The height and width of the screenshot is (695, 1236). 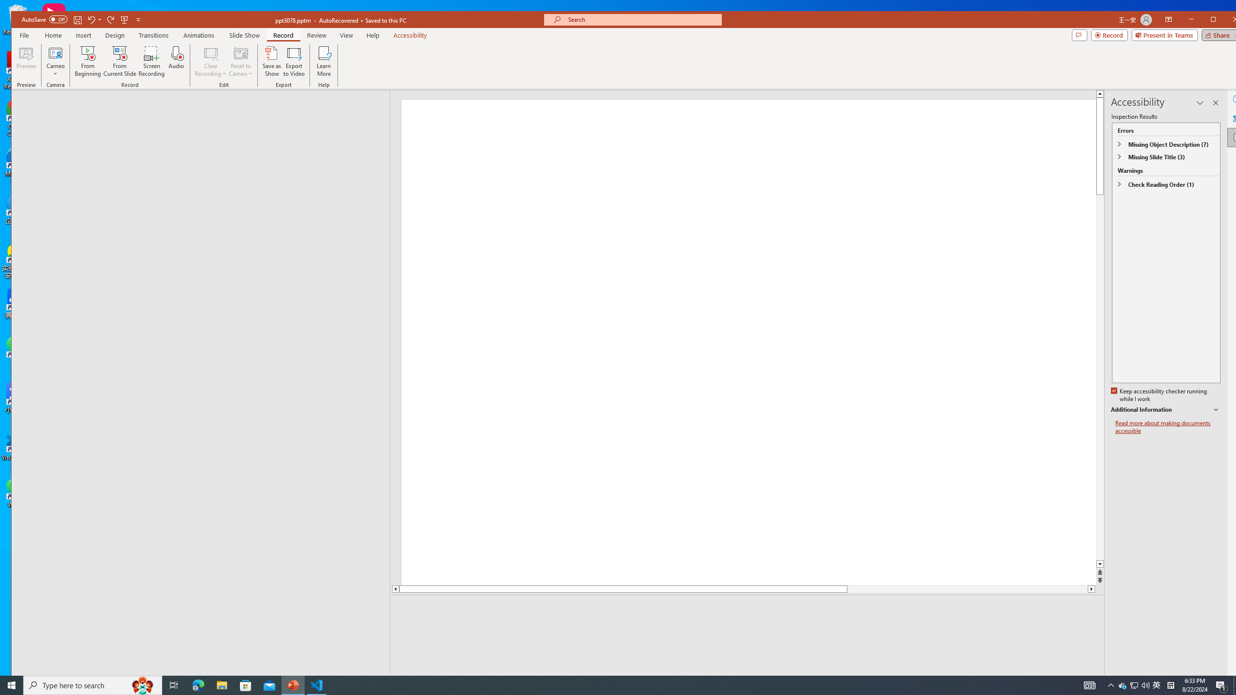 I want to click on 'Zoom 172%', so click(x=1230, y=681).